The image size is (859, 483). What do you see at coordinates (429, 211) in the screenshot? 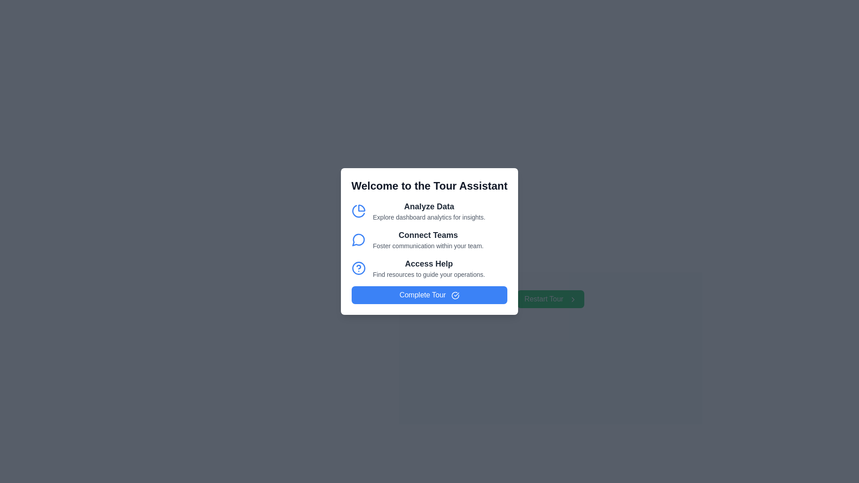
I see `the Decorative Text Block, which features a circular blue chart icon on the left and the text 'Analyze Data' in bold black followed by 'Explore dashboard analytics for insights.' in smaller gray text` at bounding box center [429, 211].